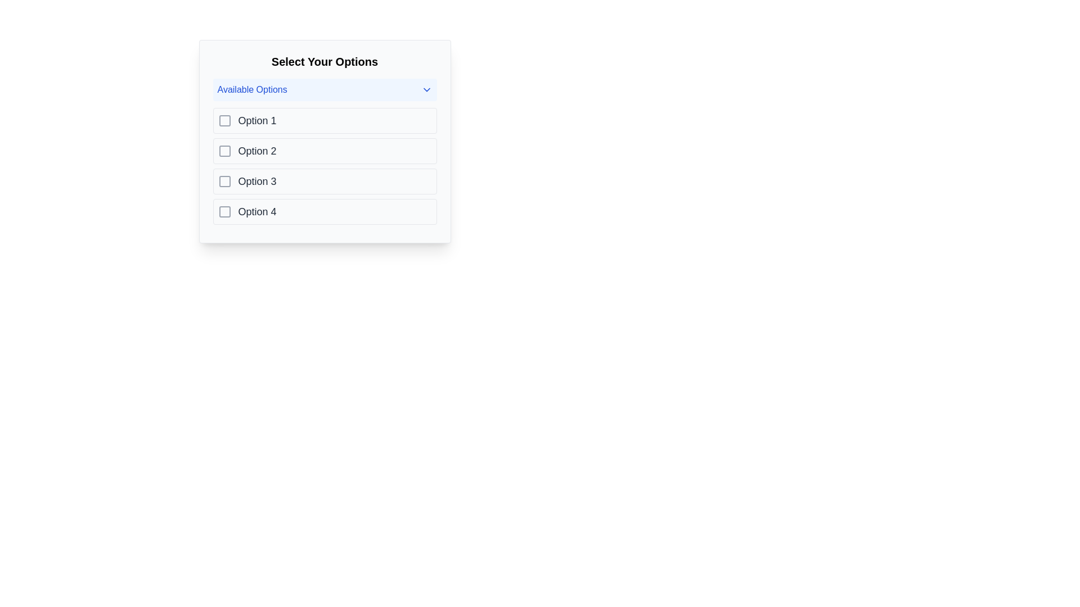 This screenshot has height=607, width=1080. Describe the element at coordinates (224, 212) in the screenshot. I see `the interactive checkbox located to the left of the label 'Option 4' in the fourth row of the options list` at that location.